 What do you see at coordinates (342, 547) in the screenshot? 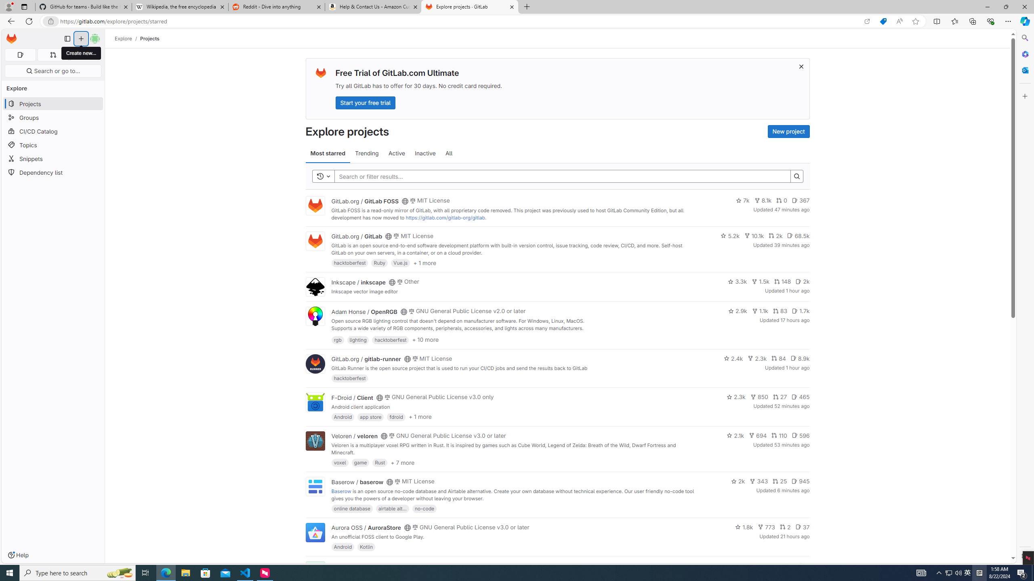
I see `'Android'` at bounding box center [342, 547].